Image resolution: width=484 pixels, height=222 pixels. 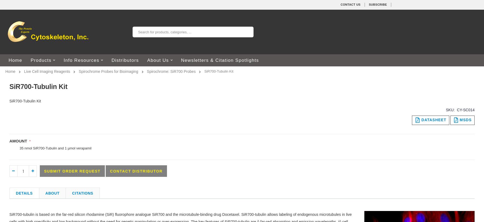 I want to click on 'Contact Distributor', so click(x=110, y=171).